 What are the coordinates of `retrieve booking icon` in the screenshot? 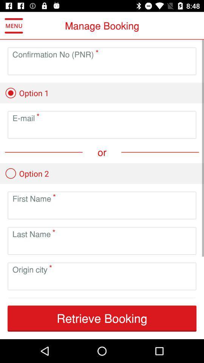 It's located at (102, 318).